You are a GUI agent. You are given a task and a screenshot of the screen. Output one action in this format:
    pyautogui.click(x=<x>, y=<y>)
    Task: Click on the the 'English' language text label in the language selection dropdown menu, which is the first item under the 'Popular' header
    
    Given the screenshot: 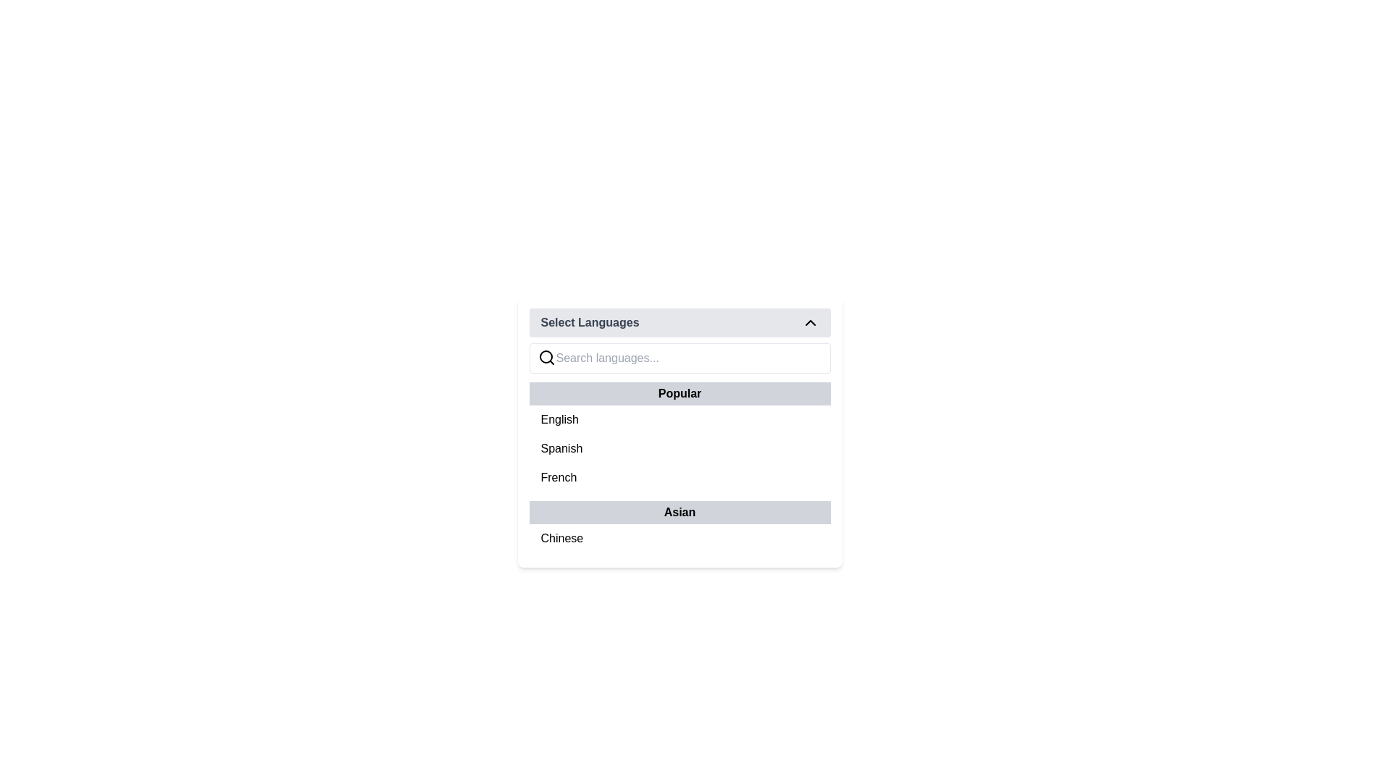 What is the action you would take?
    pyautogui.click(x=559, y=419)
    